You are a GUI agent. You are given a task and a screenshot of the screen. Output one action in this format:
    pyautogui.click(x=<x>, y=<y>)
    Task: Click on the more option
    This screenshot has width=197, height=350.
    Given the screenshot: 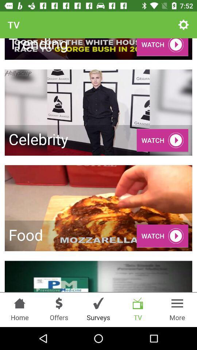 What is the action you would take?
    pyautogui.click(x=177, y=309)
    